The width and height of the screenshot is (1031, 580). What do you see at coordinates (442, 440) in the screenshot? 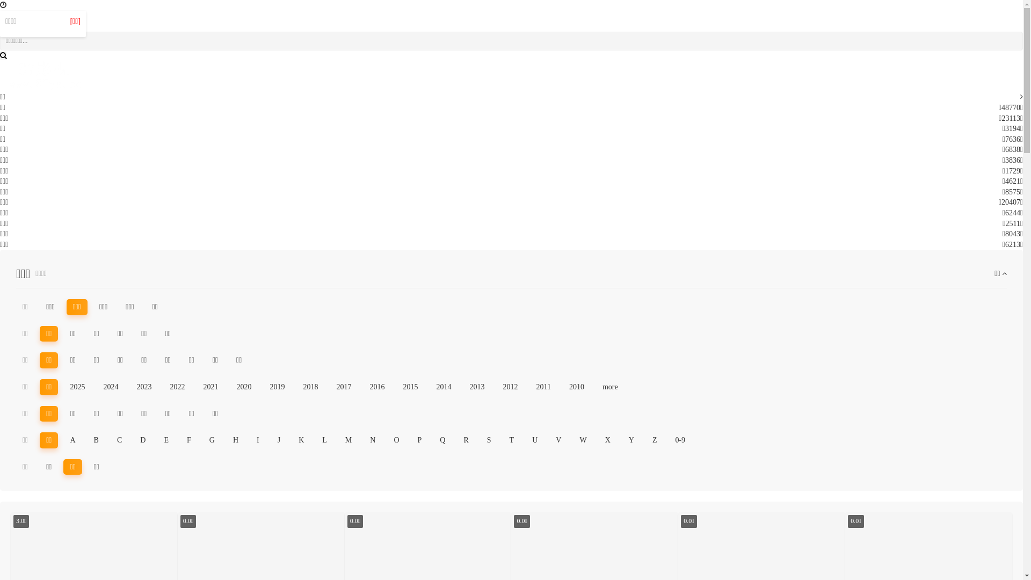
I see `'Q'` at bounding box center [442, 440].